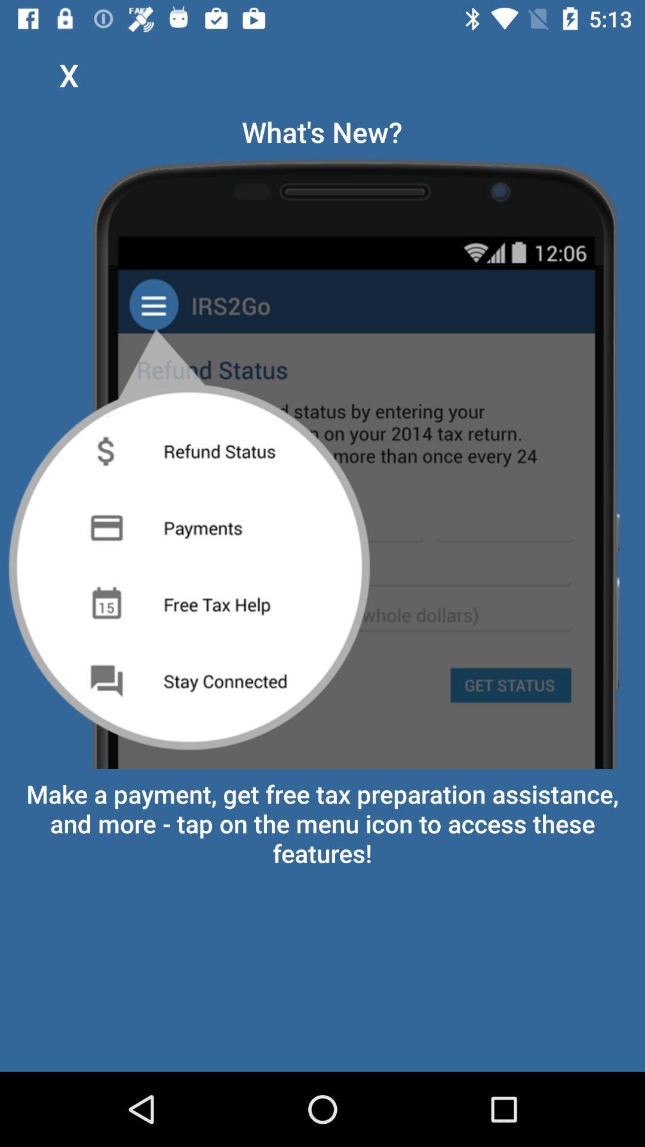  I want to click on the x, so click(69, 74).